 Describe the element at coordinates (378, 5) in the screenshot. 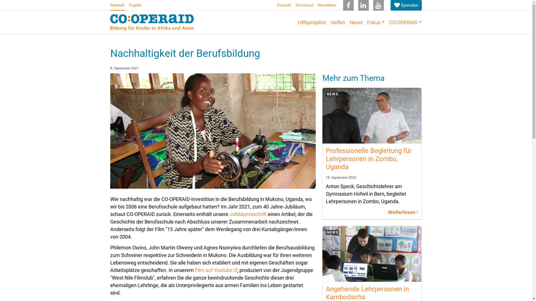

I see `'Youtube'` at that location.